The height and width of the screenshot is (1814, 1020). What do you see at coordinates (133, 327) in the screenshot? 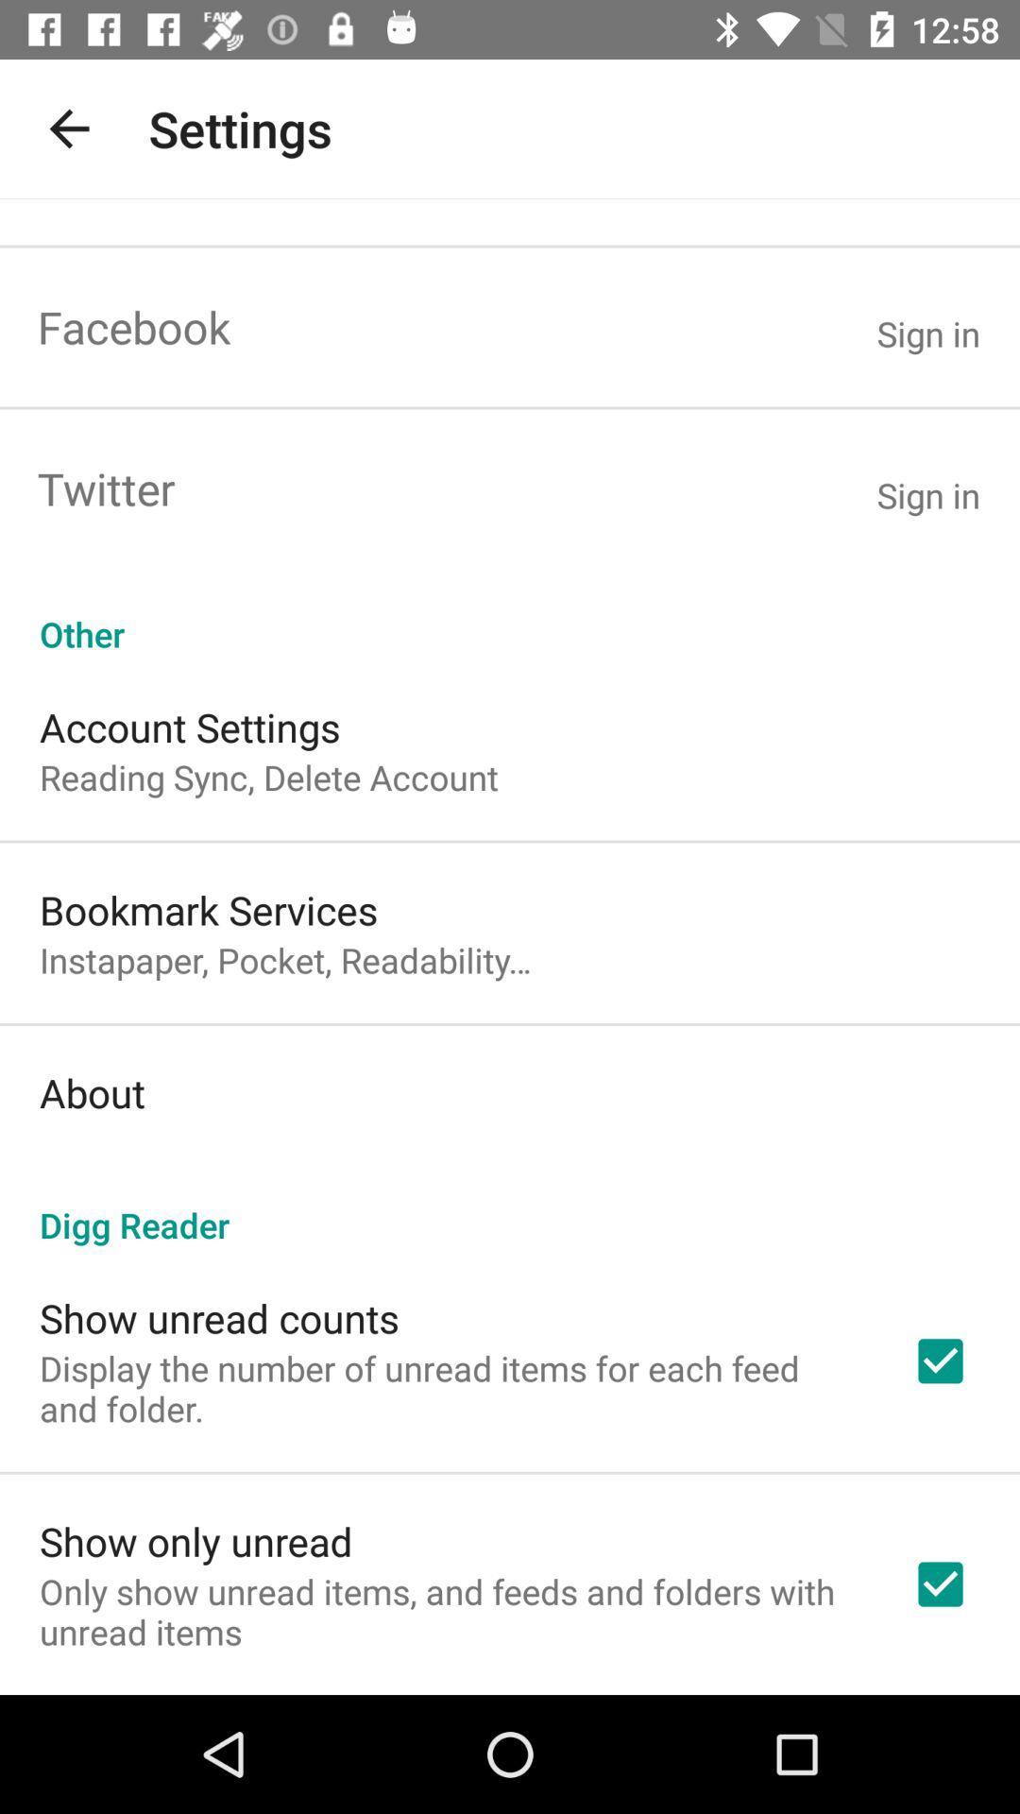
I see `item to the left of the sign in app` at bounding box center [133, 327].